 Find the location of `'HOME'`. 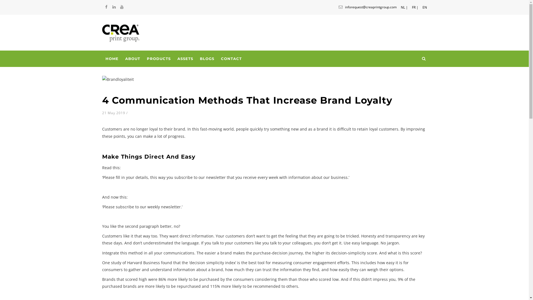

'HOME' is located at coordinates (105, 59).